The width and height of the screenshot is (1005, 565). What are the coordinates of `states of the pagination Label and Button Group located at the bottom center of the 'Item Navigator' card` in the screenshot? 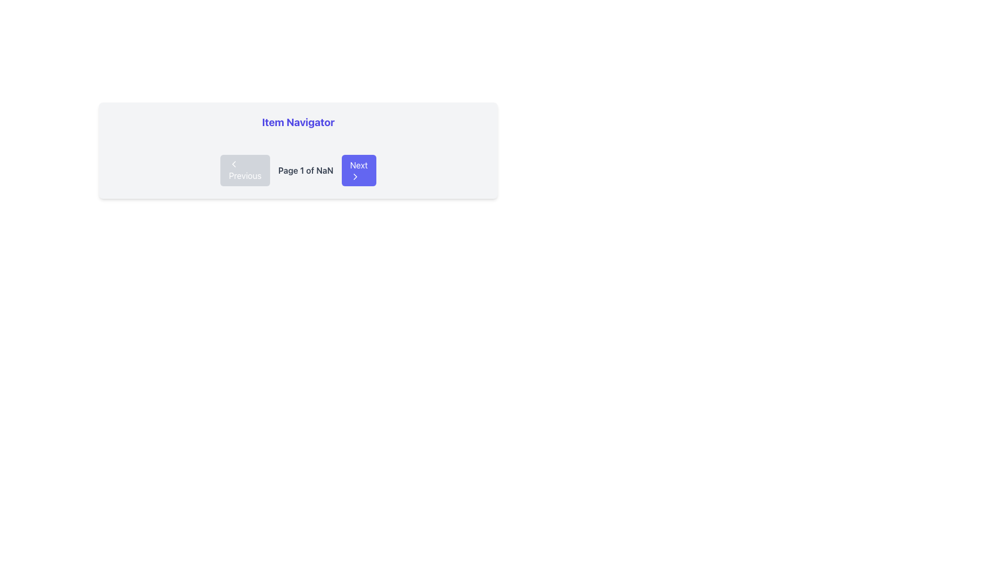 It's located at (298, 170).